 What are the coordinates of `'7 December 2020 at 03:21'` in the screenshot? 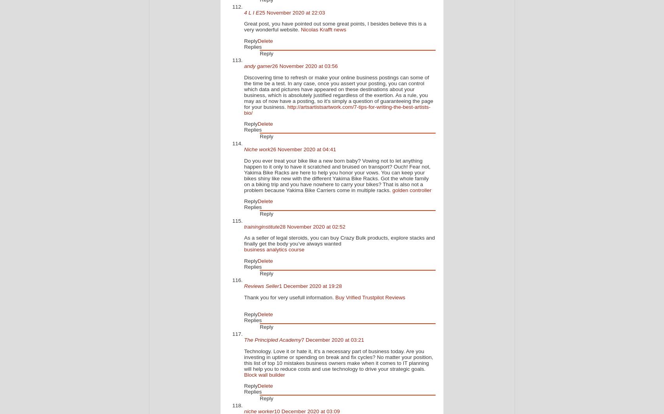 It's located at (332, 340).